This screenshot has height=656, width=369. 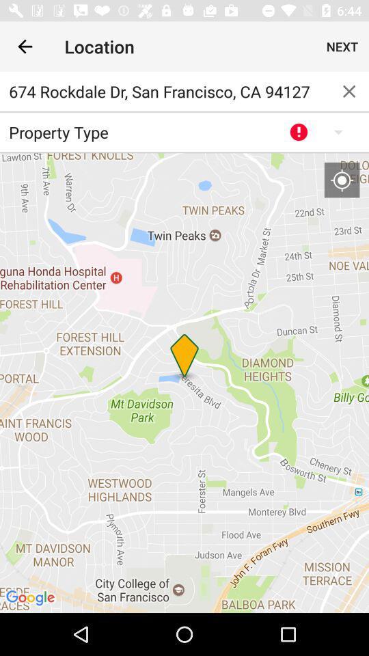 I want to click on the icon next to location icon, so click(x=342, y=46).